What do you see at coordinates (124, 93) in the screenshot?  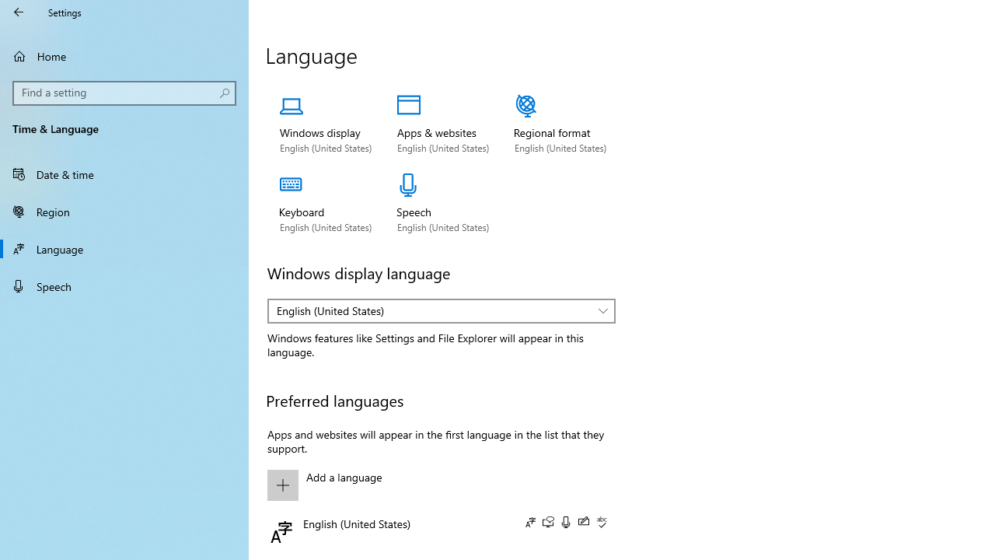 I see `'Search box, Find a setting'` at bounding box center [124, 93].